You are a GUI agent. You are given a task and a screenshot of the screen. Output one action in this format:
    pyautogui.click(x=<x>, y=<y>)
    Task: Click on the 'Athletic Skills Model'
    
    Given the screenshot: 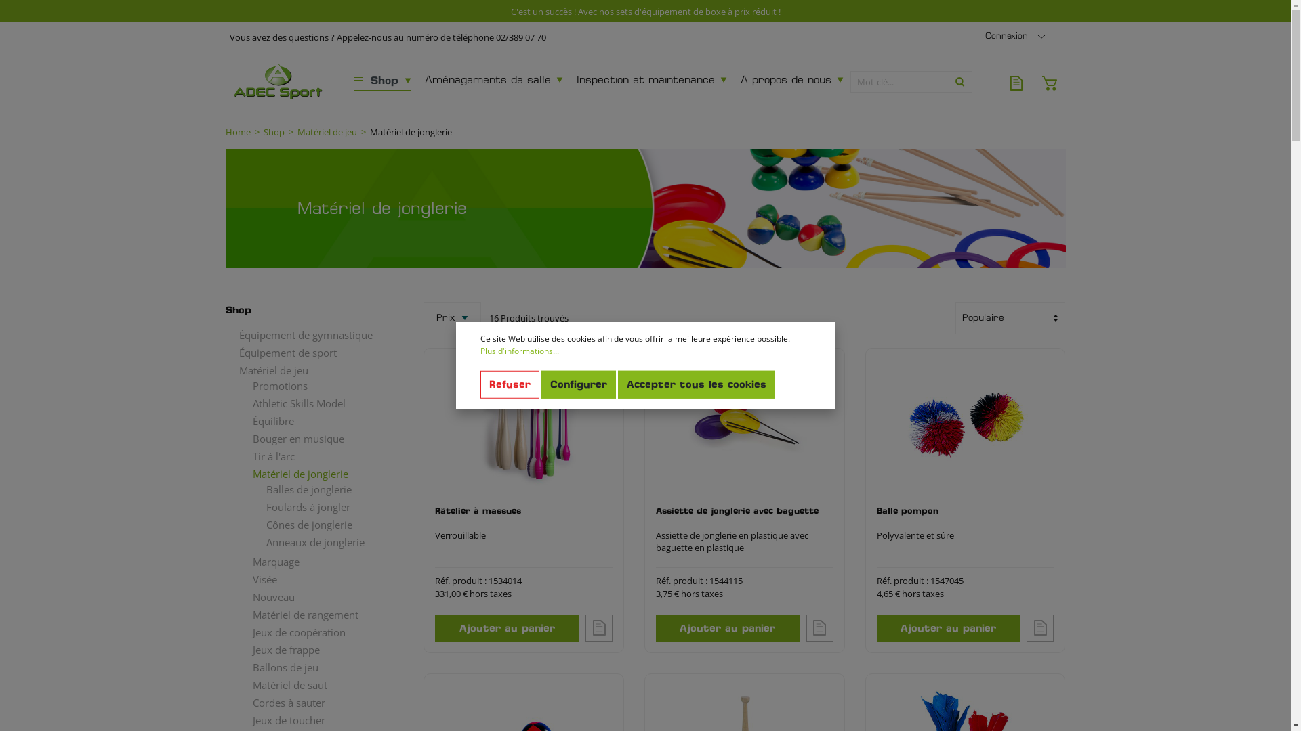 What is the action you would take?
    pyautogui.click(x=316, y=403)
    